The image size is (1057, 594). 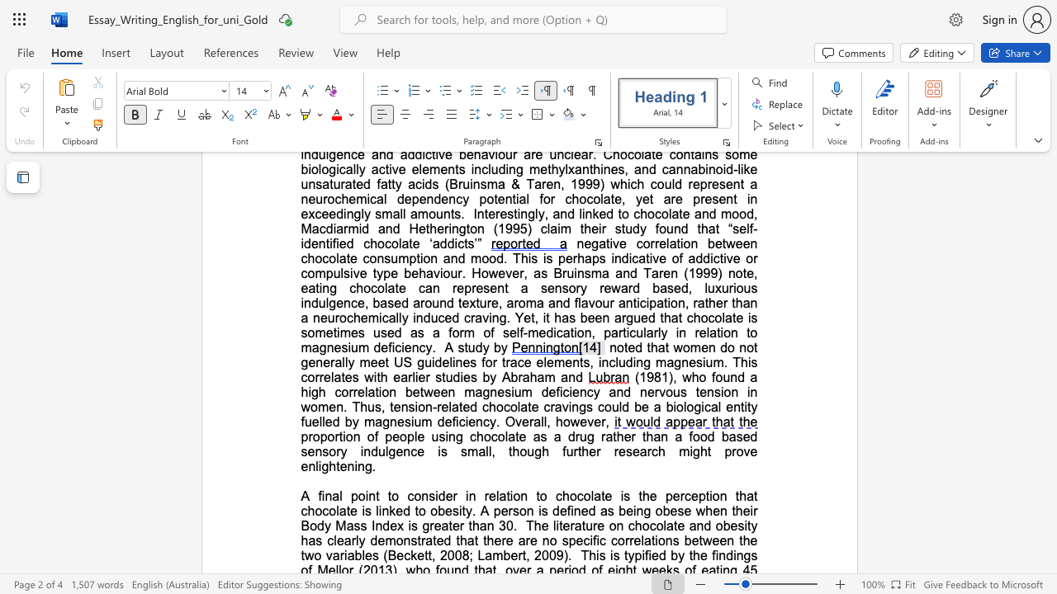 I want to click on the subset text "al" within the text "A final point", so click(x=331, y=495).